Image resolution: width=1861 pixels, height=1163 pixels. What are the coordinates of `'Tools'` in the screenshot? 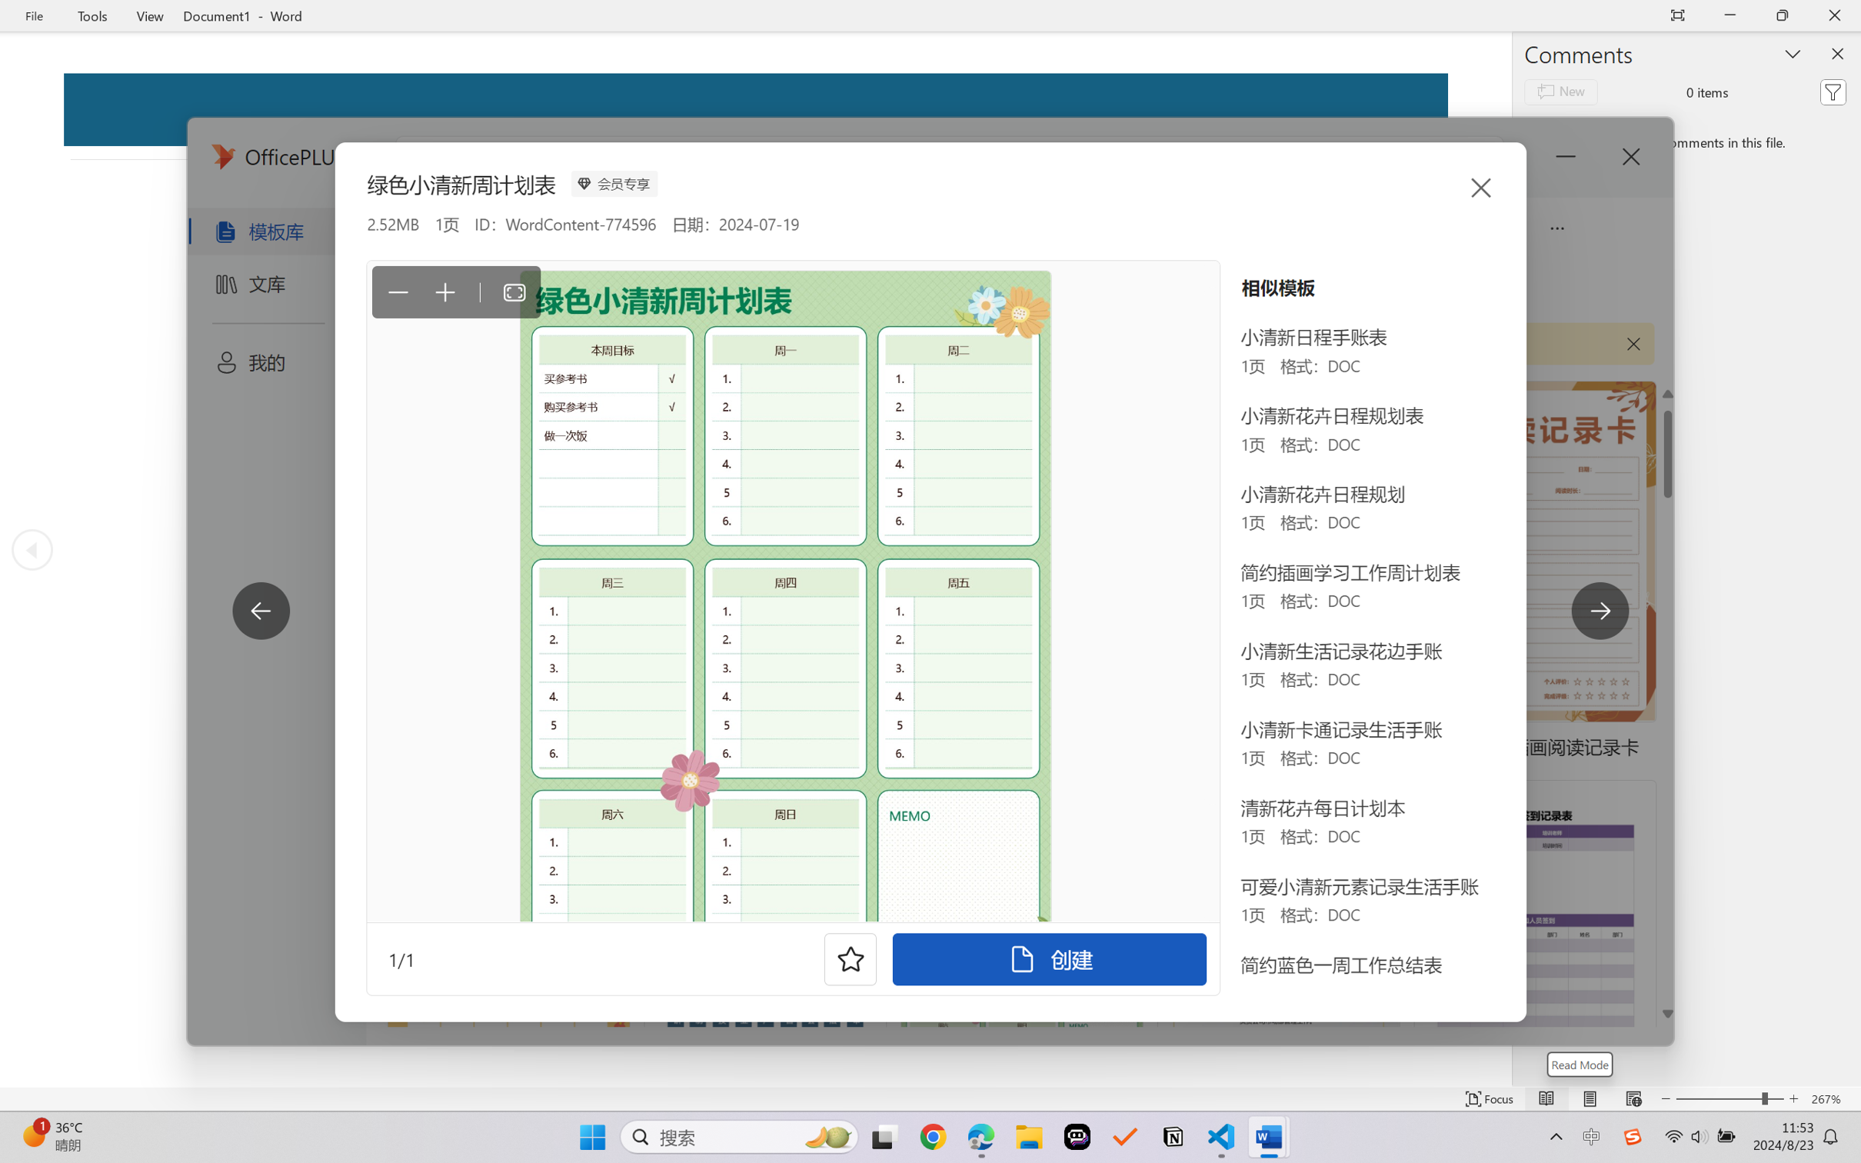 It's located at (93, 15).